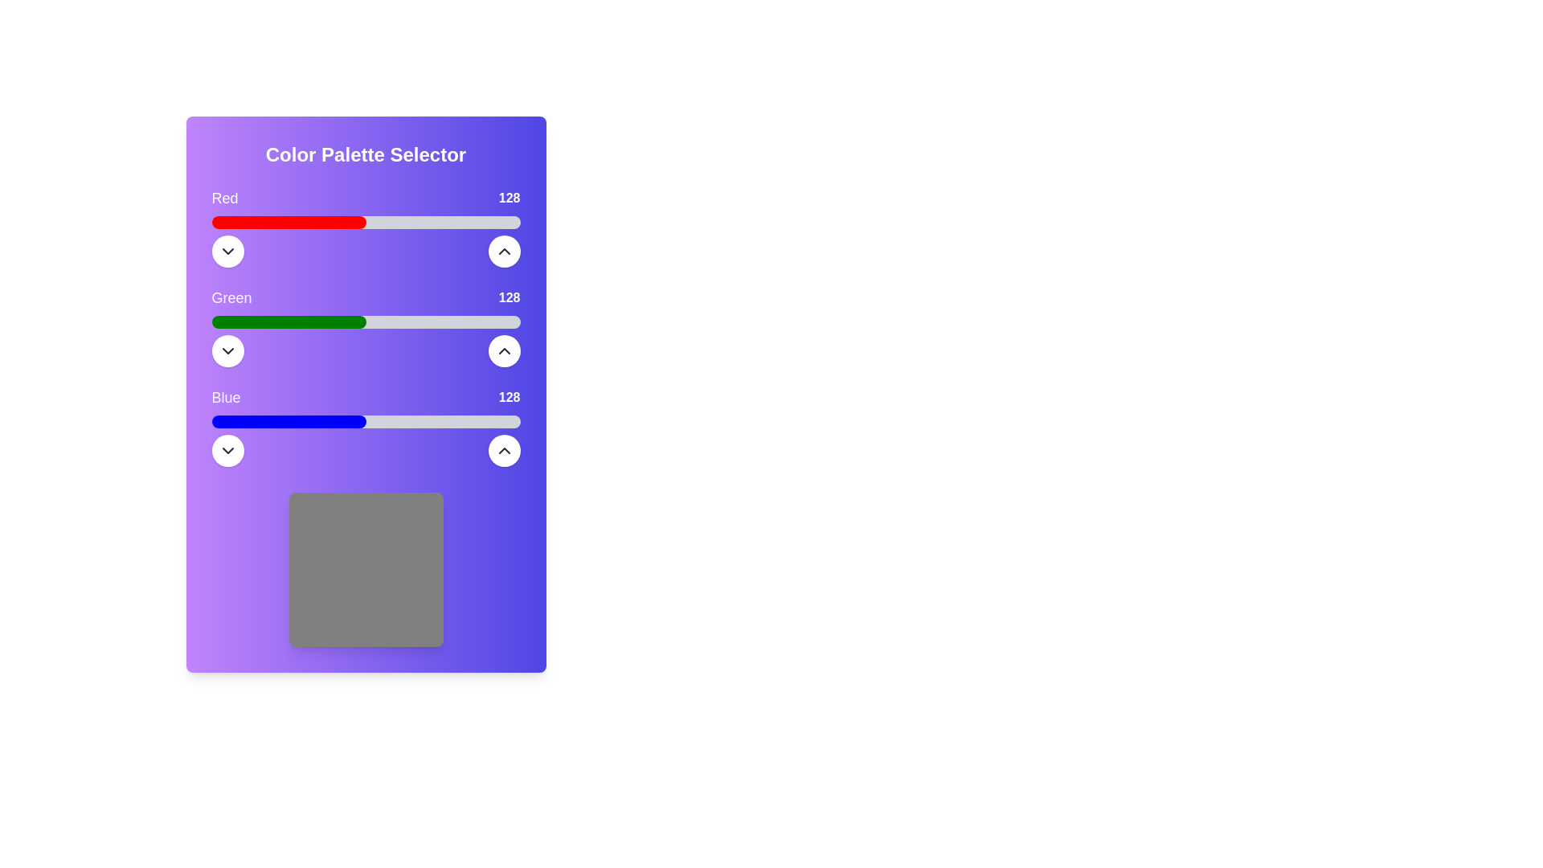  Describe the element at coordinates (380, 223) in the screenshot. I see `the red intensity` at that location.